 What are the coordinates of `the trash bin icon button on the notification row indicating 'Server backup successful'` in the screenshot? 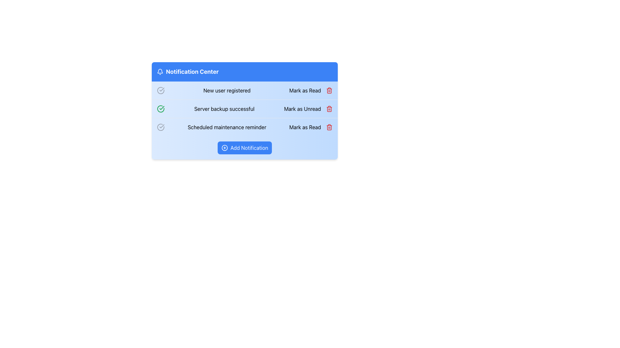 It's located at (329, 109).